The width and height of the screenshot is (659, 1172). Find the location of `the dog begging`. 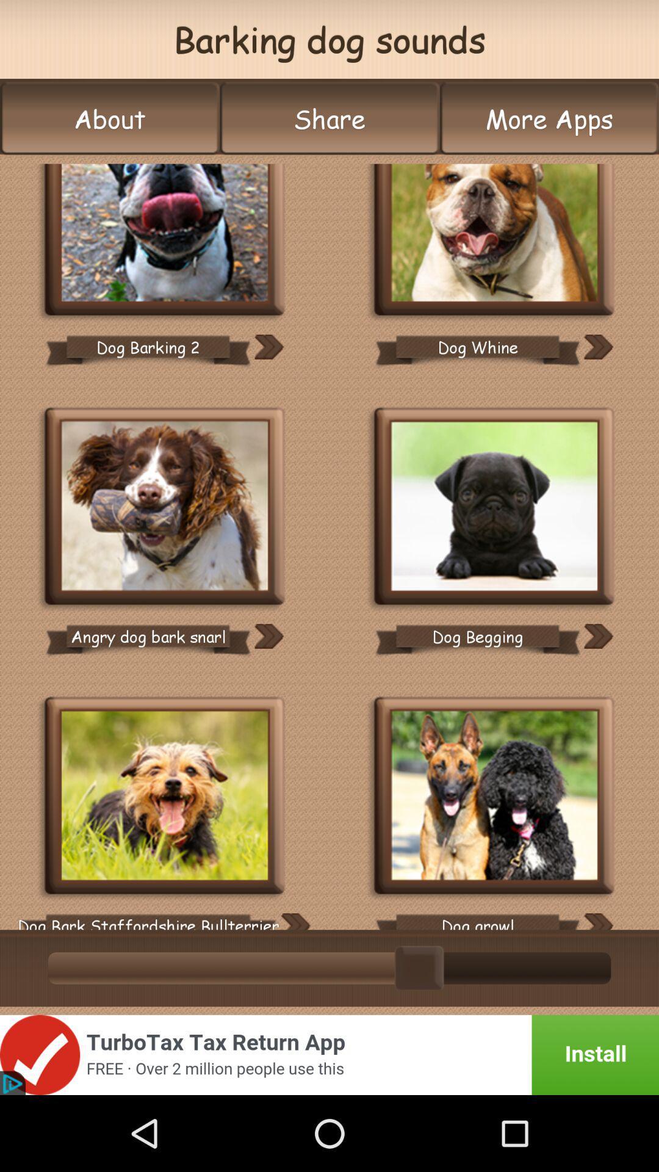

the dog begging is located at coordinates (477, 635).